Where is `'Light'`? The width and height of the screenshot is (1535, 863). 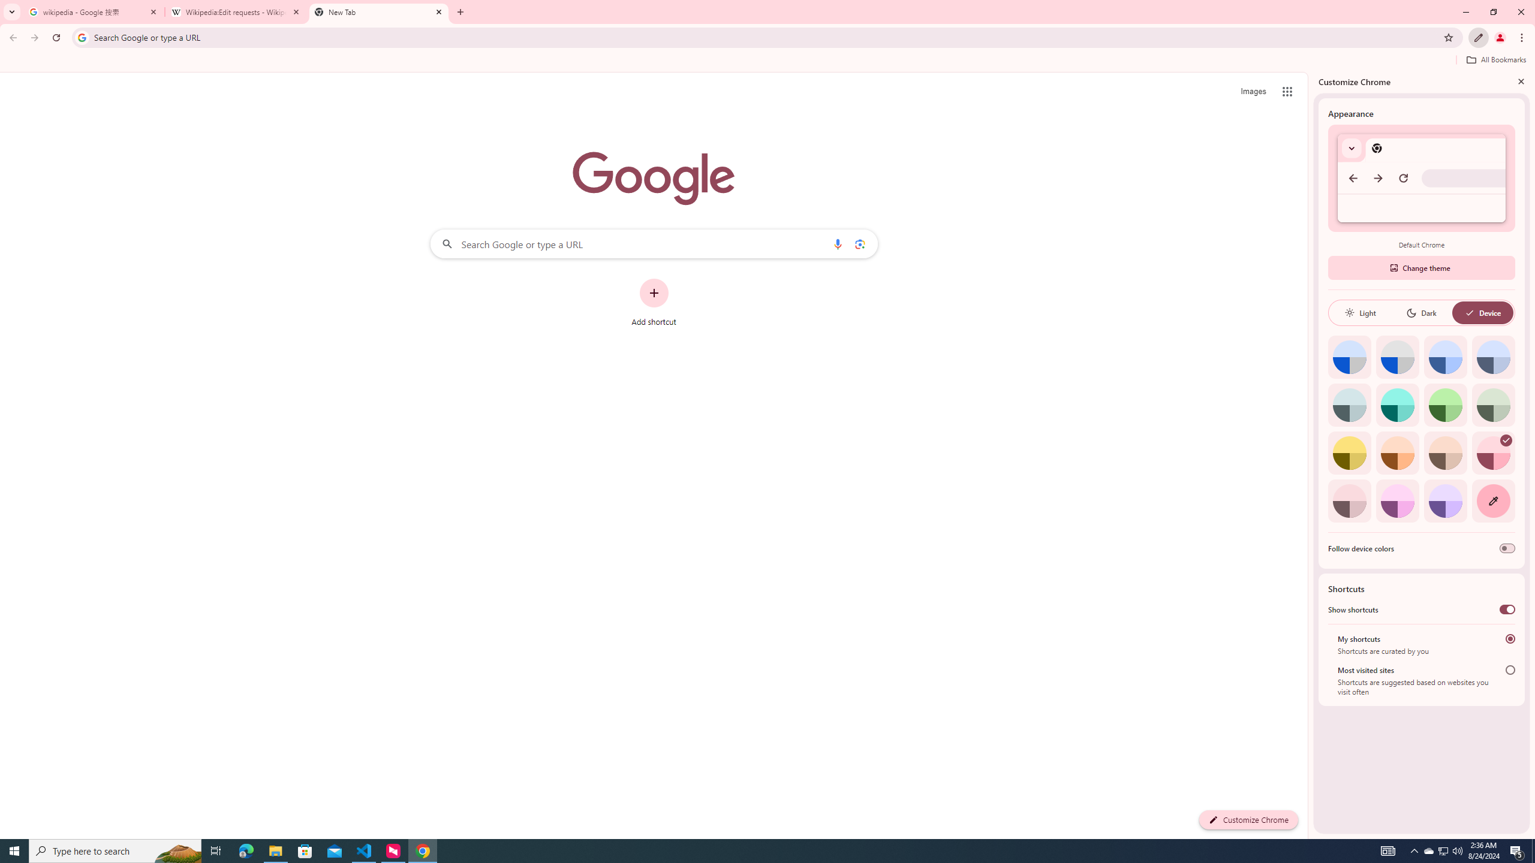 'Light' is located at coordinates (1359, 312).